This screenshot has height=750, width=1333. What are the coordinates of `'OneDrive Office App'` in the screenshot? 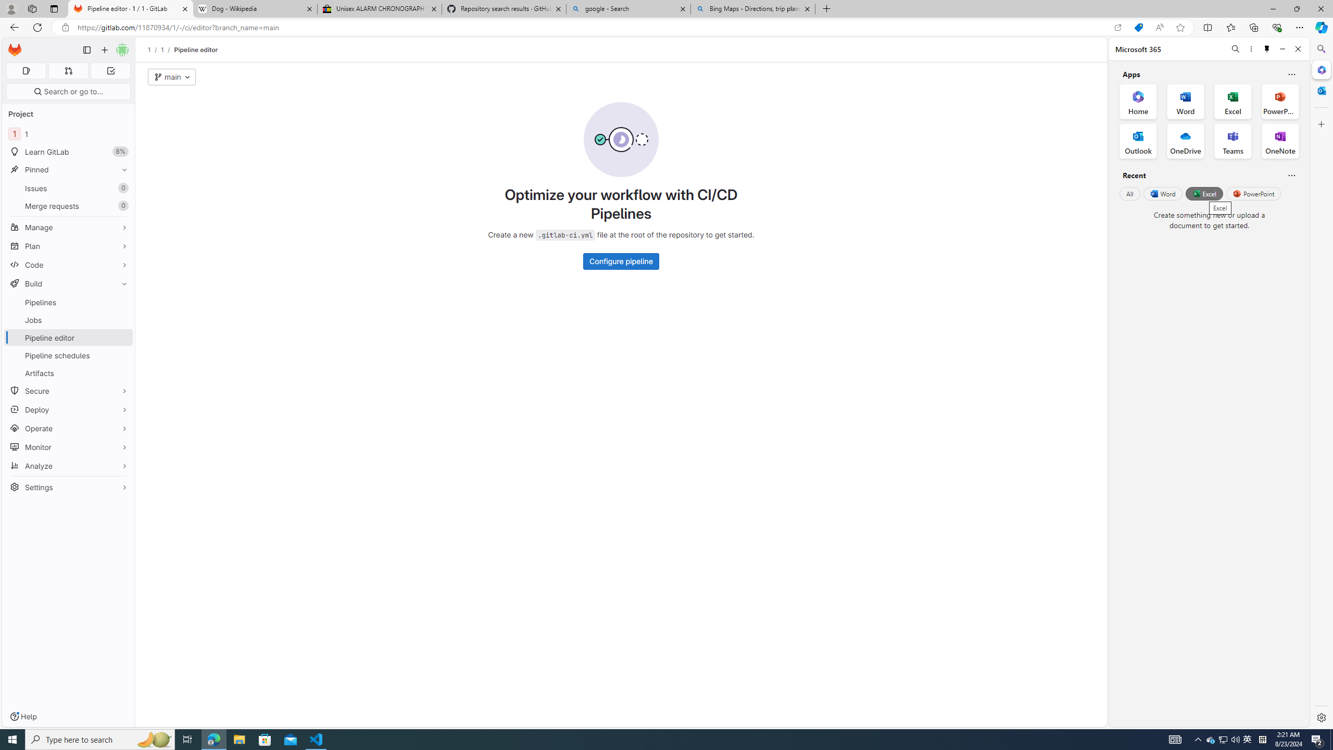 It's located at (1185, 141).